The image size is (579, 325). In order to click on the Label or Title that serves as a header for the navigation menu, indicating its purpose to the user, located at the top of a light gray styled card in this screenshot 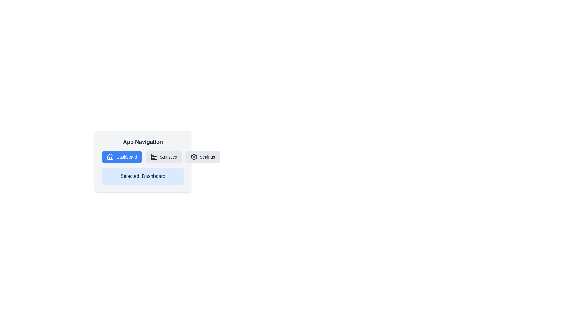, I will do `click(143, 142)`.